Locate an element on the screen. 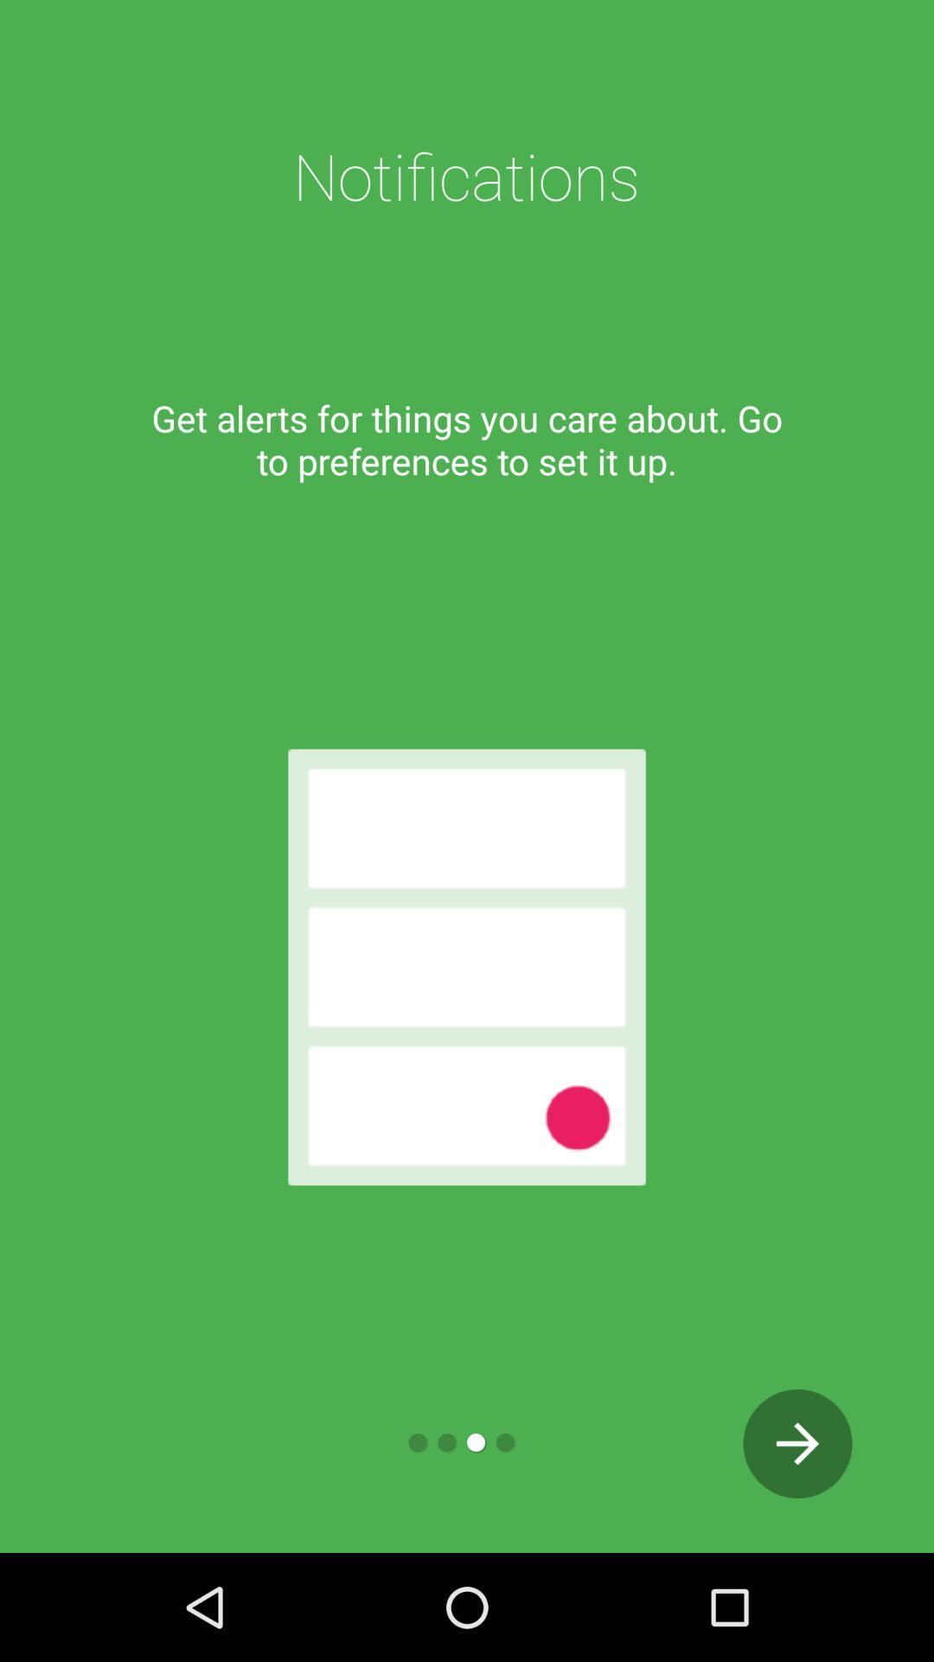 Image resolution: width=934 pixels, height=1662 pixels. next page is located at coordinates (797, 1443).